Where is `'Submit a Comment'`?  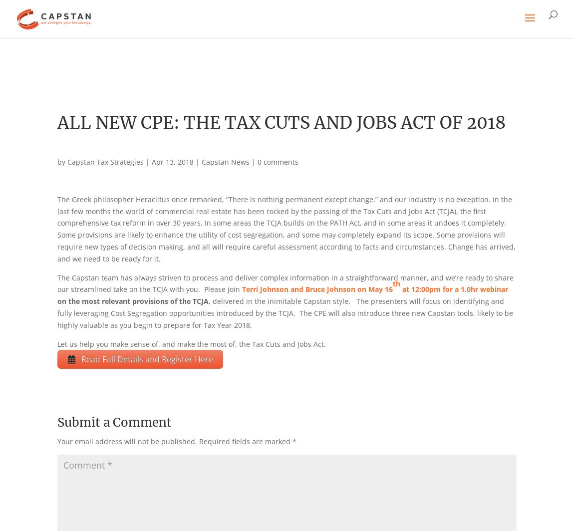 'Submit a Comment' is located at coordinates (114, 422).